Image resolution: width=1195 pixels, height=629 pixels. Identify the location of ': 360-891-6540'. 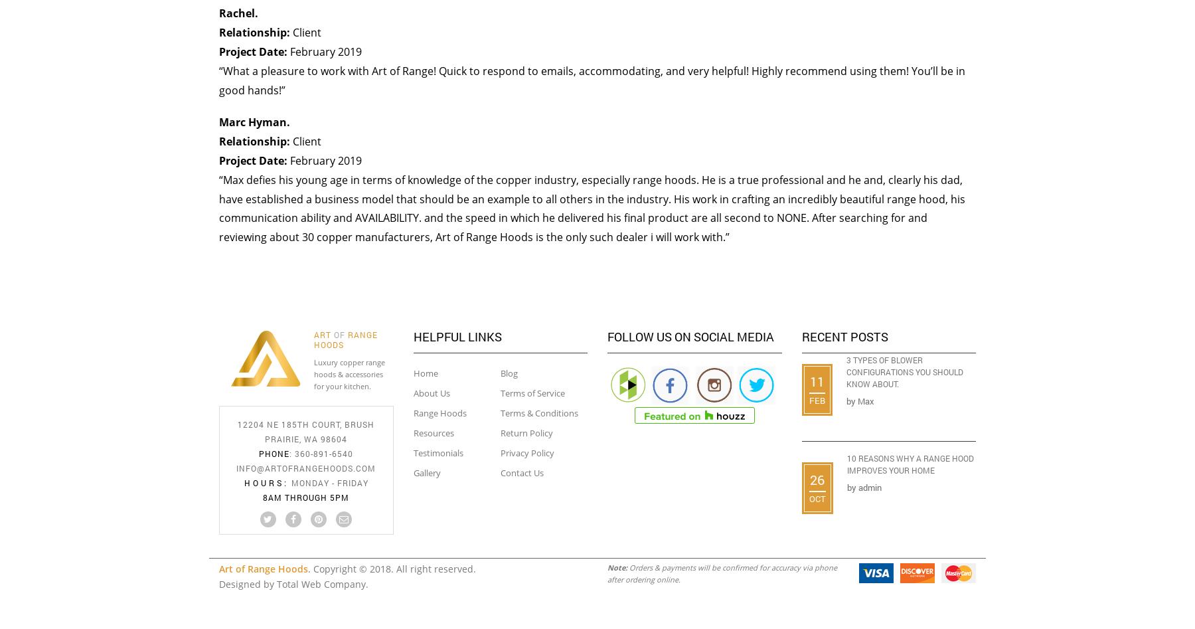
(321, 452).